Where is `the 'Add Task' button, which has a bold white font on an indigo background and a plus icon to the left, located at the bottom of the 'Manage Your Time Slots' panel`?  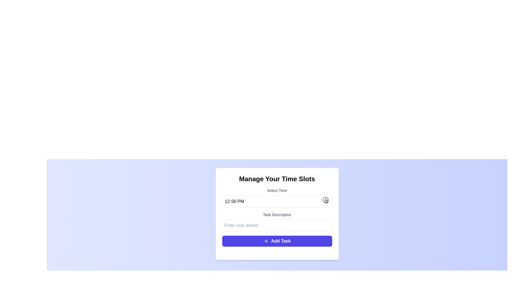 the 'Add Task' button, which has a bold white font on an indigo background and a plus icon to the left, located at the bottom of the 'Manage Your Time Slots' panel is located at coordinates (277, 241).